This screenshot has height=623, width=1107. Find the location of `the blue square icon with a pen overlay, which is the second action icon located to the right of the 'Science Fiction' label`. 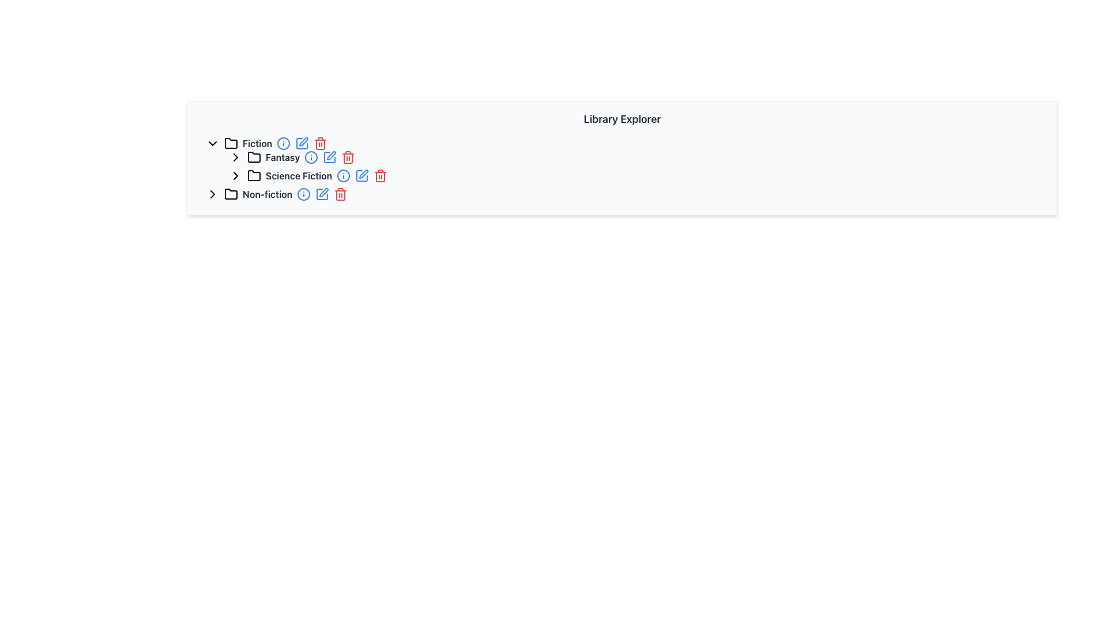

the blue square icon with a pen overlay, which is the second action icon located to the right of the 'Science Fiction' label is located at coordinates (362, 175).